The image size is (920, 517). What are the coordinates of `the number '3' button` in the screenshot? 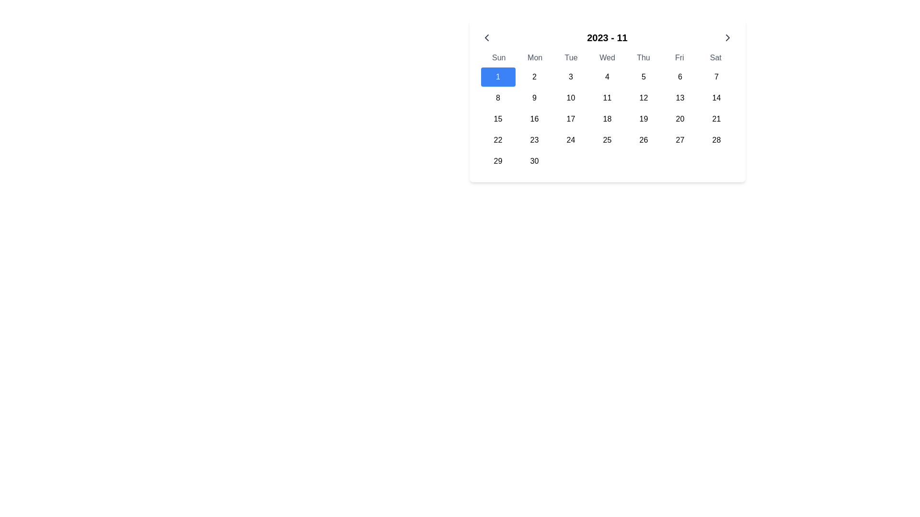 It's located at (571, 77).